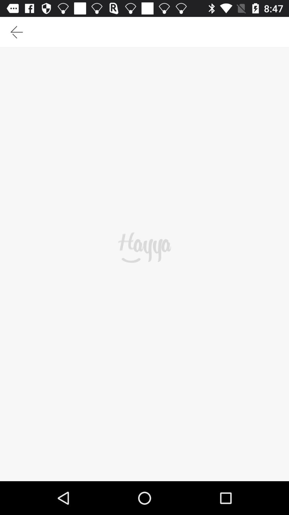 The width and height of the screenshot is (289, 515). Describe the element at coordinates (16, 34) in the screenshot. I see `the arrow_backward icon` at that location.